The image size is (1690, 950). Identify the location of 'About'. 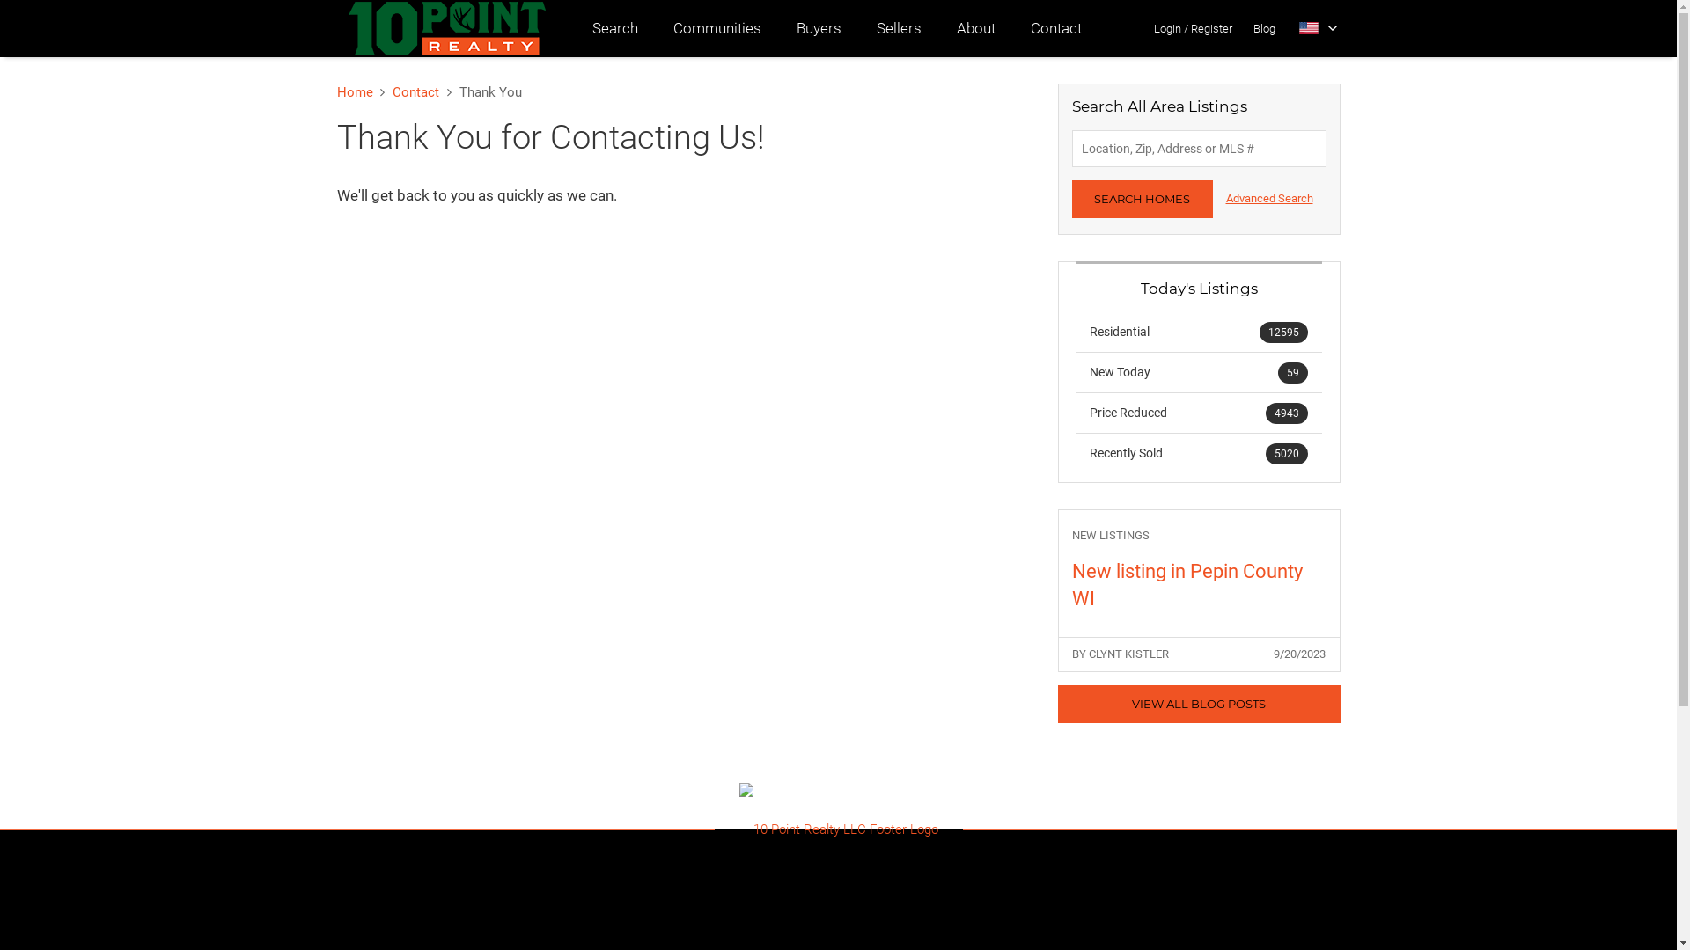
(937, 28).